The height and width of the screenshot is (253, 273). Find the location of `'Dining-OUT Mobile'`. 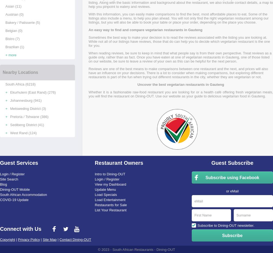

'Dining-OUT Mobile' is located at coordinates (0, 189).